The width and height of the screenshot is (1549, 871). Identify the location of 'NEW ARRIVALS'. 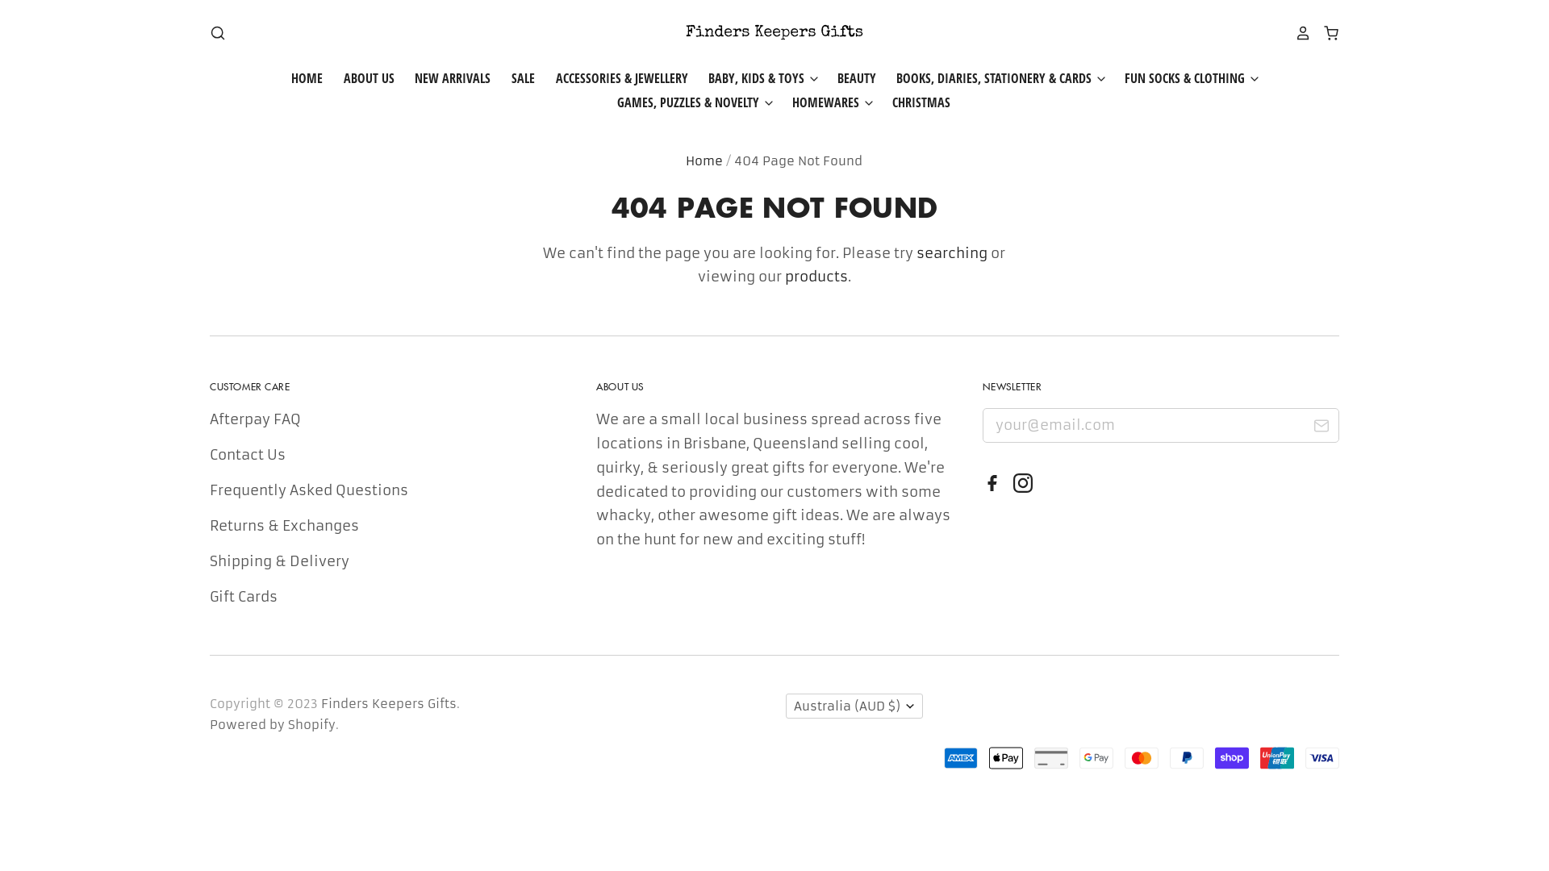
(444, 77).